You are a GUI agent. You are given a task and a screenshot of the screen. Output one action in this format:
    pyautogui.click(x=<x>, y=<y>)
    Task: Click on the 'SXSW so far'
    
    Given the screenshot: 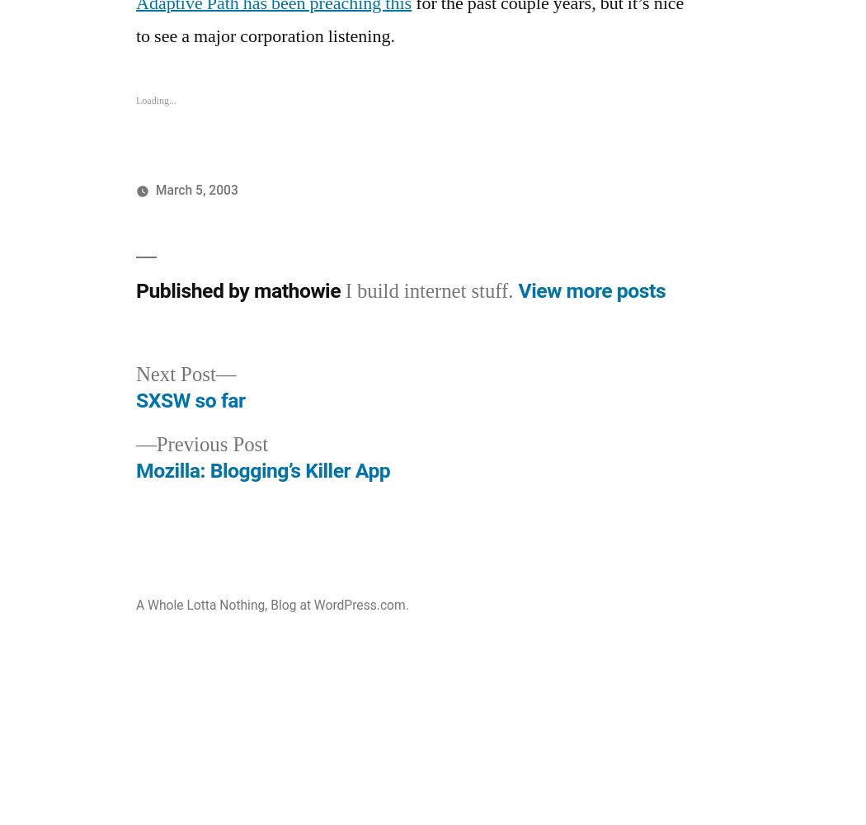 What is the action you would take?
    pyautogui.click(x=191, y=399)
    